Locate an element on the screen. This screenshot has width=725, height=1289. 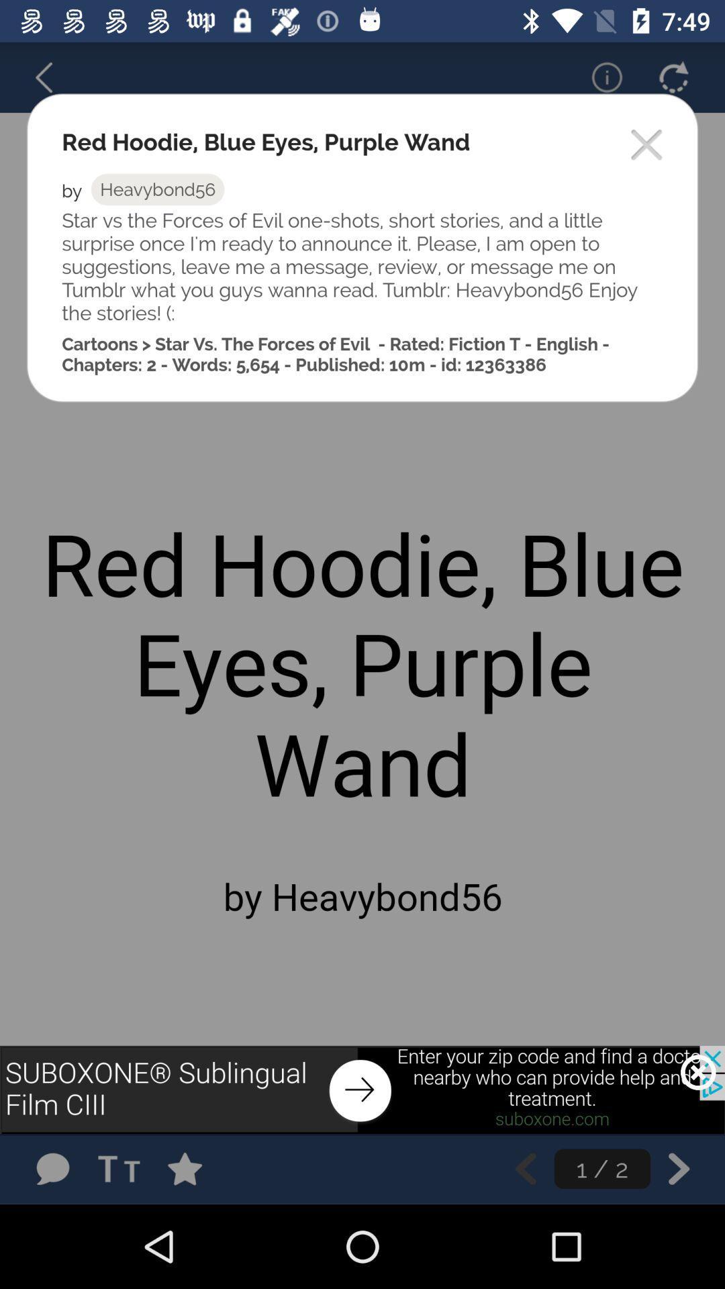
open advertisement is located at coordinates (362, 1090).